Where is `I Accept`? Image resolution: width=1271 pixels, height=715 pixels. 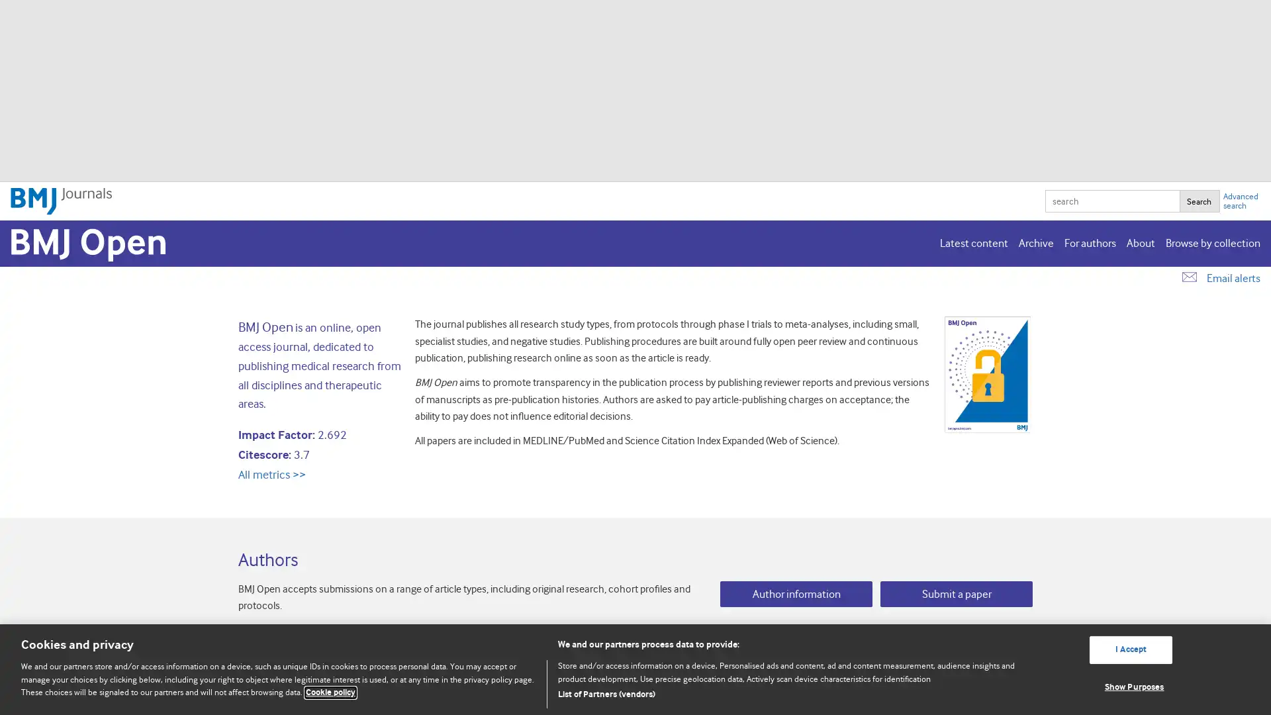 I Accept is located at coordinates (1130, 649).